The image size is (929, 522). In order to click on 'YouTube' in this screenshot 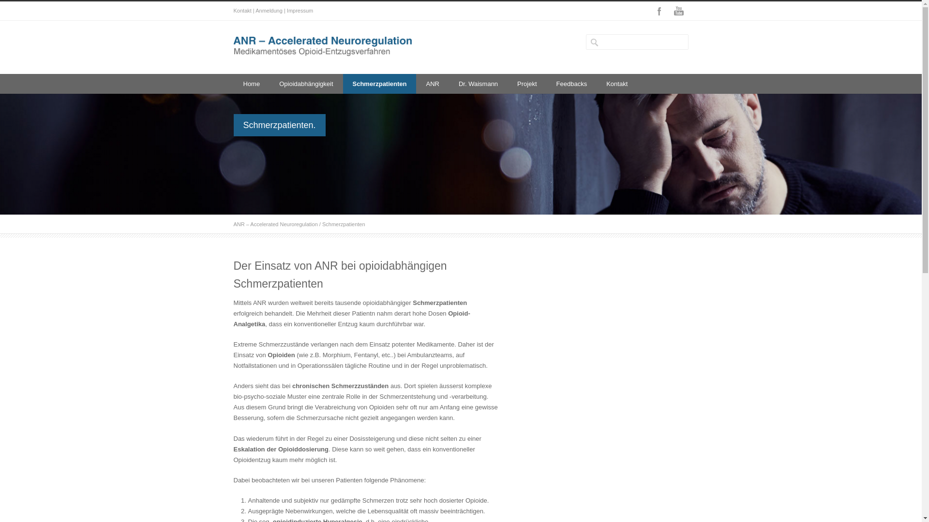, I will do `click(677, 11)`.